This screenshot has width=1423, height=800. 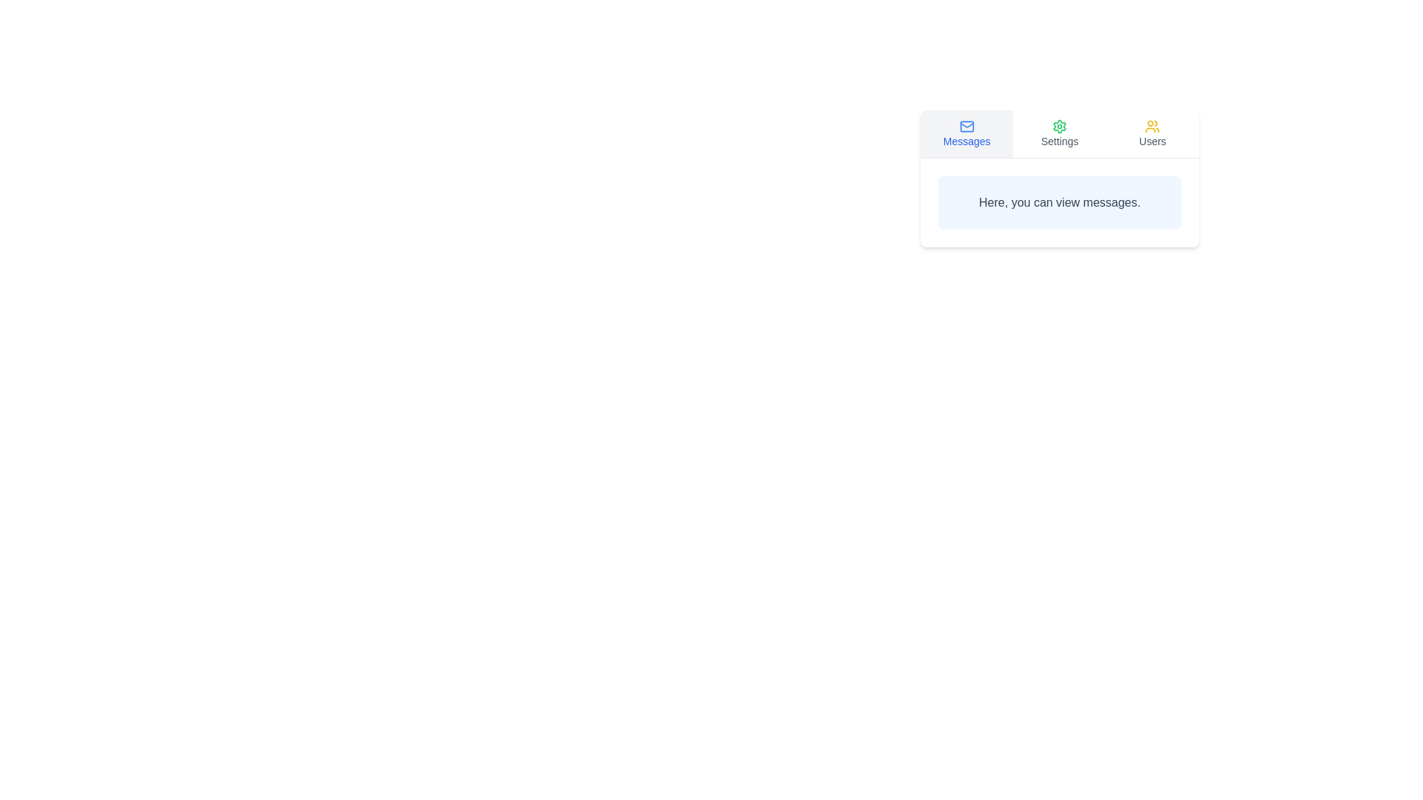 I want to click on the Messages tab, so click(x=966, y=134).